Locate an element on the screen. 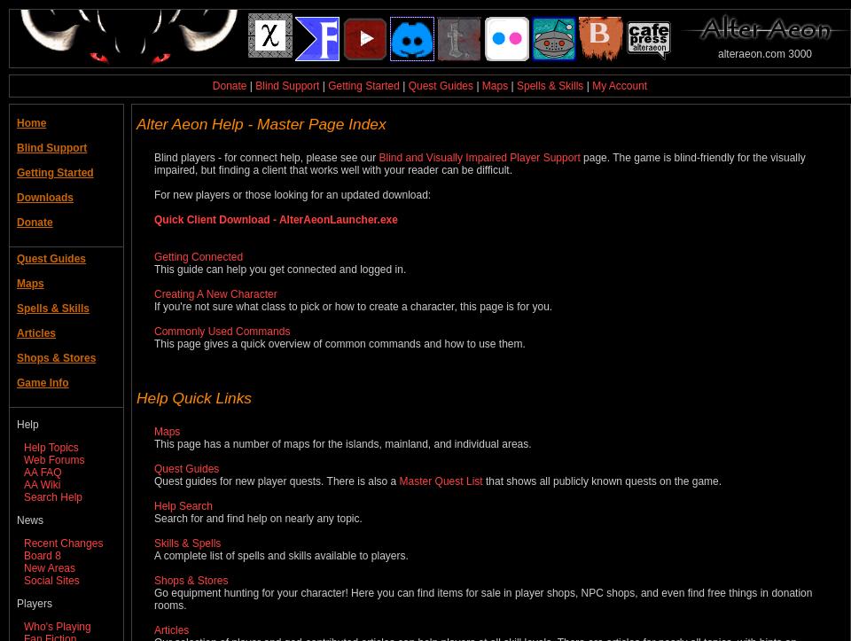  'alteraeon.com 3000' is located at coordinates (763, 54).